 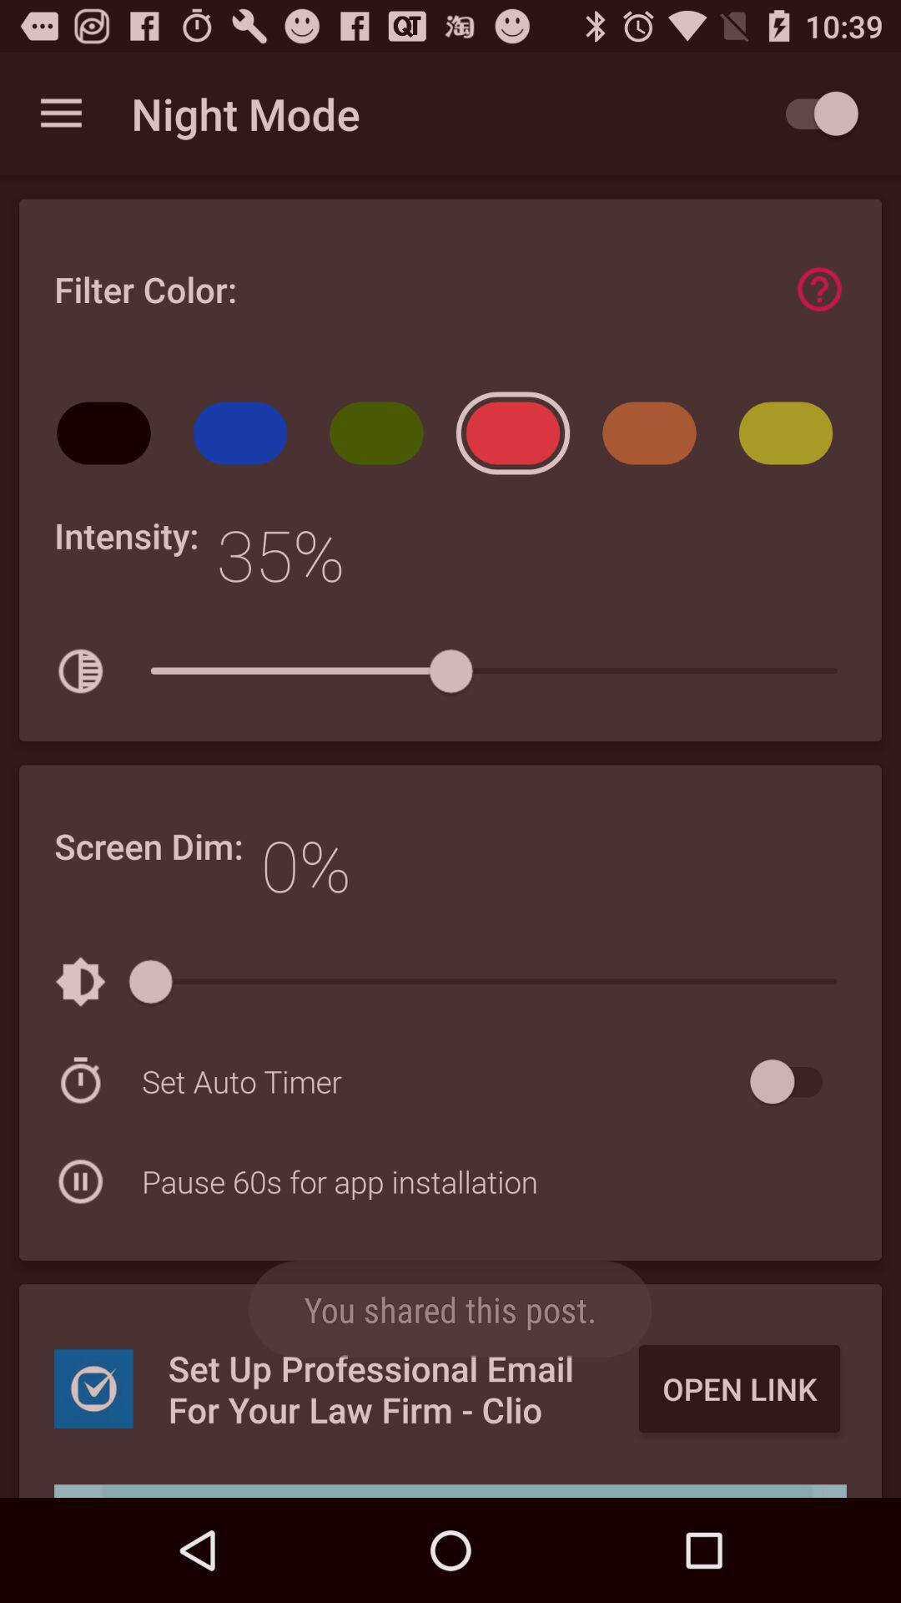 I want to click on the last section of the page, so click(x=450, y=1383).